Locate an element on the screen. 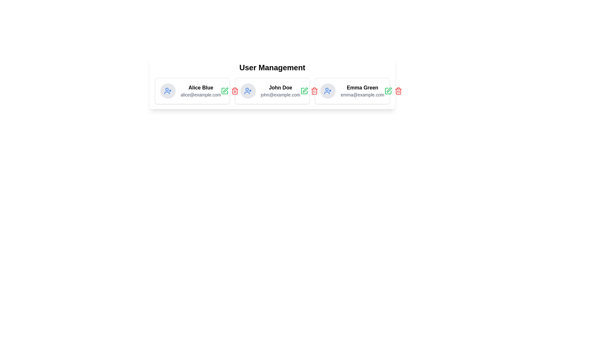 The height and width of the screenshot is (345, 613). information displayed in the text component titled 'Alice Blue' with the subtitle 'alice@example.com', which is part of a user card layout and positioned to the right of the circular avatar icon is located at coordinates (201, 91).